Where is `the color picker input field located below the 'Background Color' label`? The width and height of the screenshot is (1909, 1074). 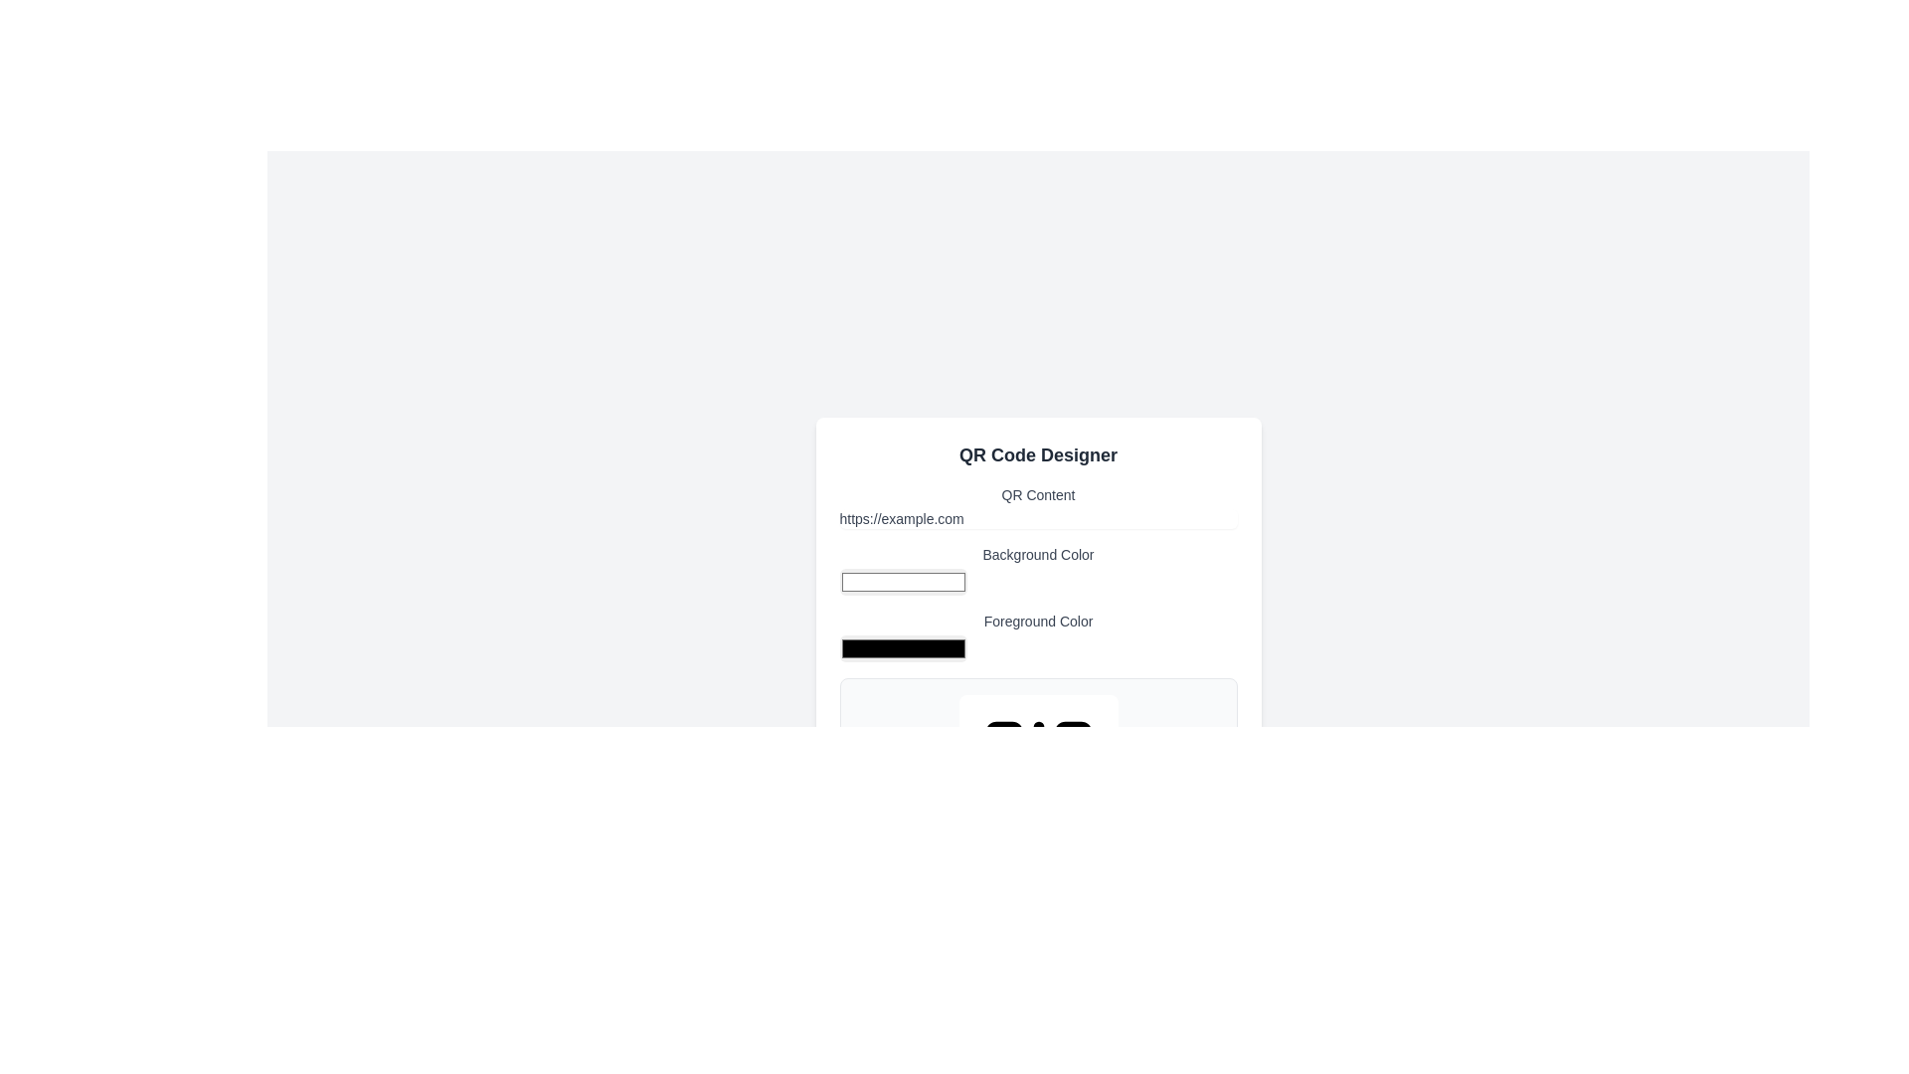
the color picker input field located below the 'Background Color' label is located at coordinates (902, 582).